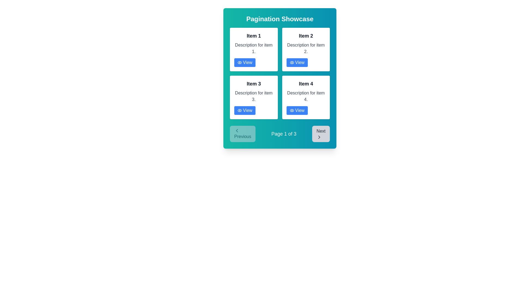 The image size is (523, 294). I want to click on the blue button with rounded corners and white text that reads 'View', which includes an eye icon, so click(245, 62).